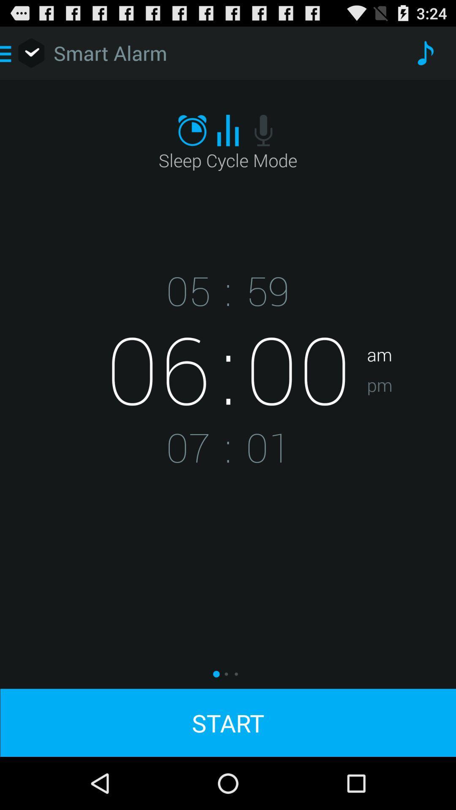 This screenshot has width=456, height=810. What do you see at coordinates (411, 327) in the screenshot?
I see `the am icon` at bounding box center [411, 327].